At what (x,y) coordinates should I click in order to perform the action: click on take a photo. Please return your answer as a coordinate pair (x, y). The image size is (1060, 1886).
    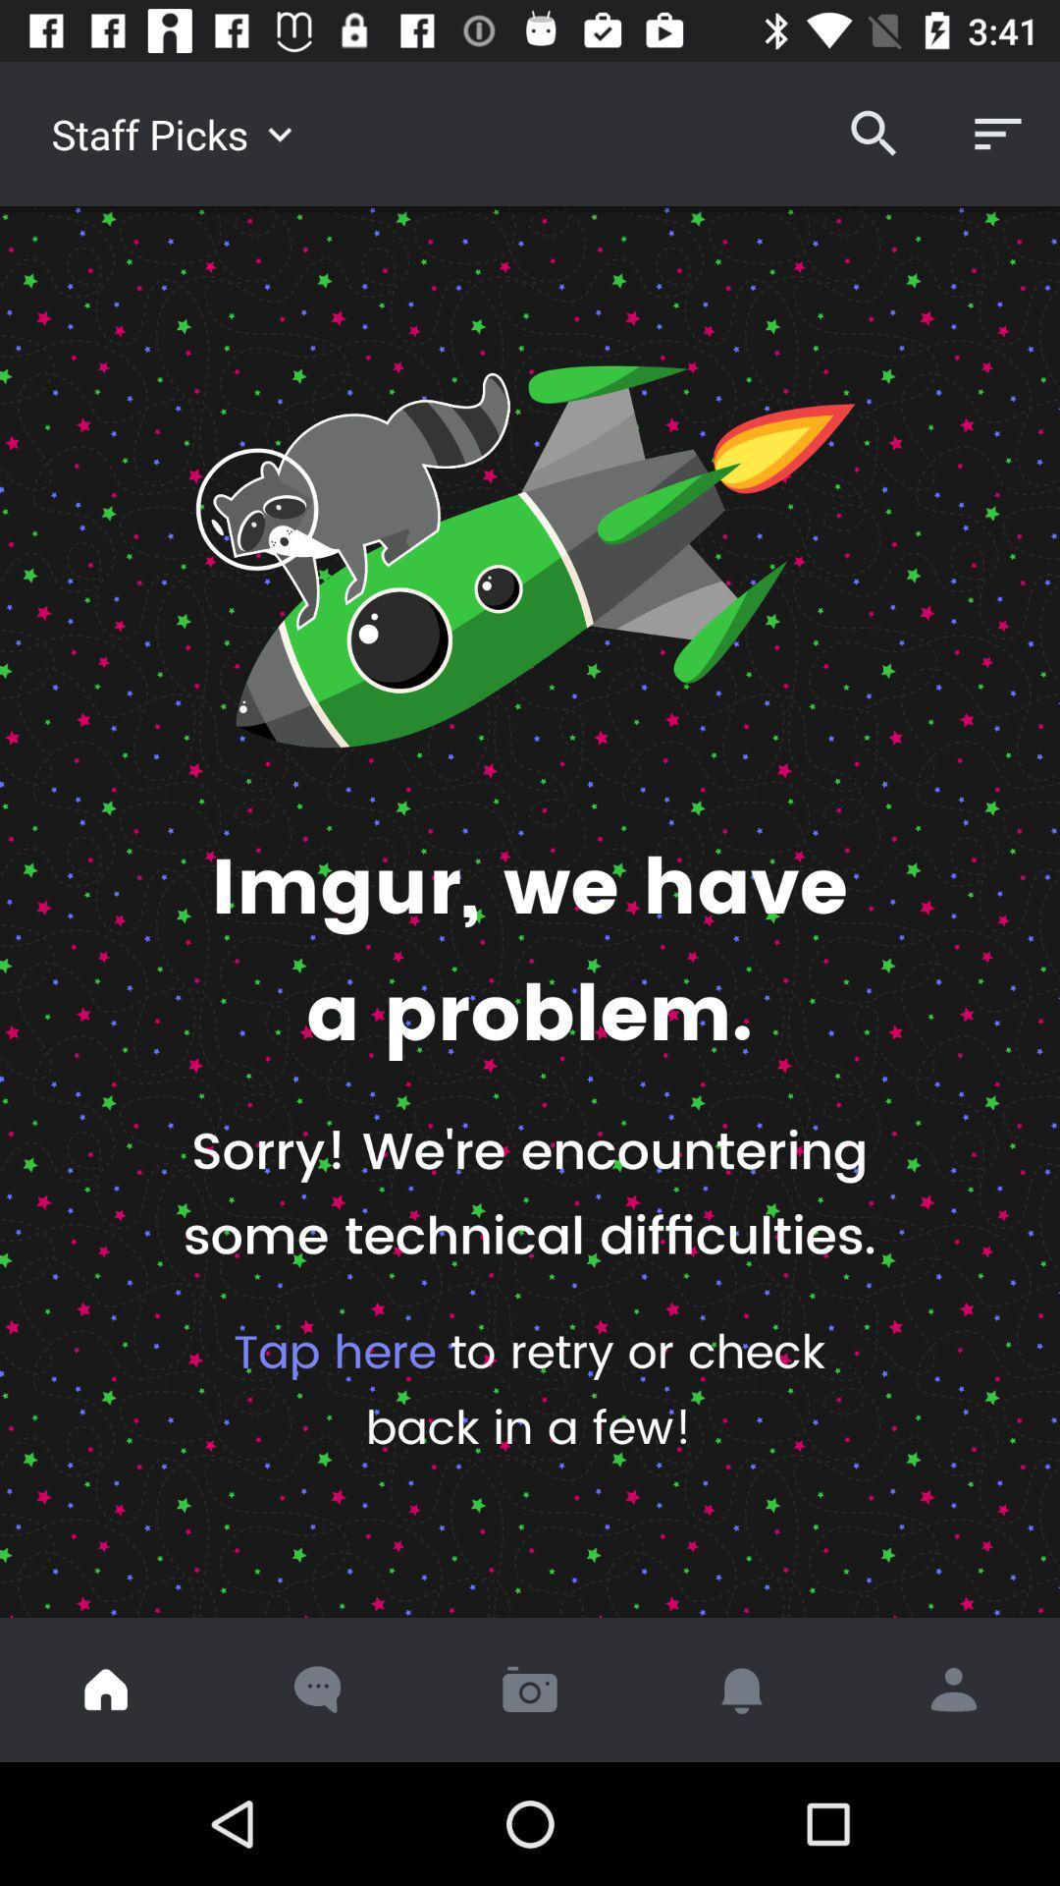
    Looking at the image, I should click on (530, 1689).